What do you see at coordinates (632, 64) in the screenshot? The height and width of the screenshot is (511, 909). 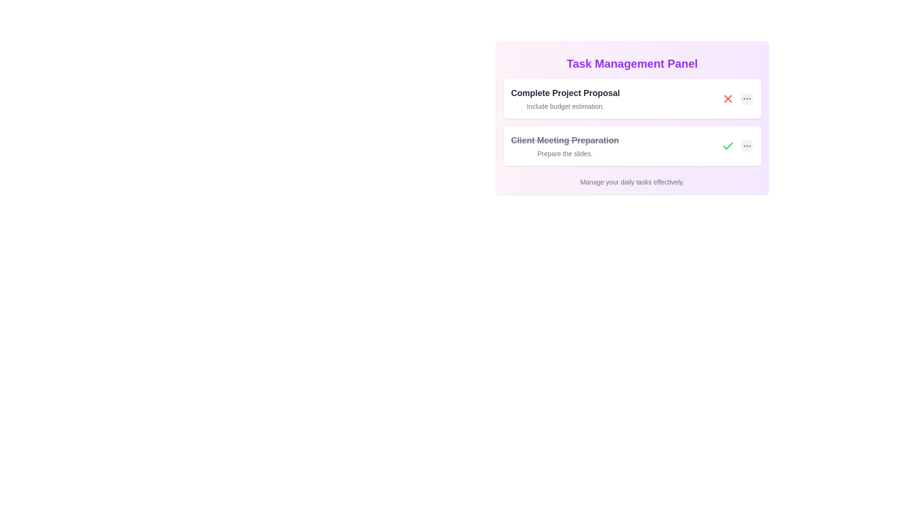 I see `the Text Label or Header at the top of the task management card, which indicates the purpose or functionality of the content within the card` at bounding box center [632, 64].